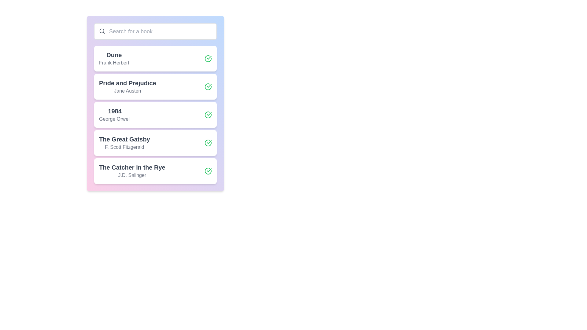 The height and width of the screenshot is (330, 587). I want to click on the card-like list item displaying 'The Catcher in the Rye', so click(155, 171).